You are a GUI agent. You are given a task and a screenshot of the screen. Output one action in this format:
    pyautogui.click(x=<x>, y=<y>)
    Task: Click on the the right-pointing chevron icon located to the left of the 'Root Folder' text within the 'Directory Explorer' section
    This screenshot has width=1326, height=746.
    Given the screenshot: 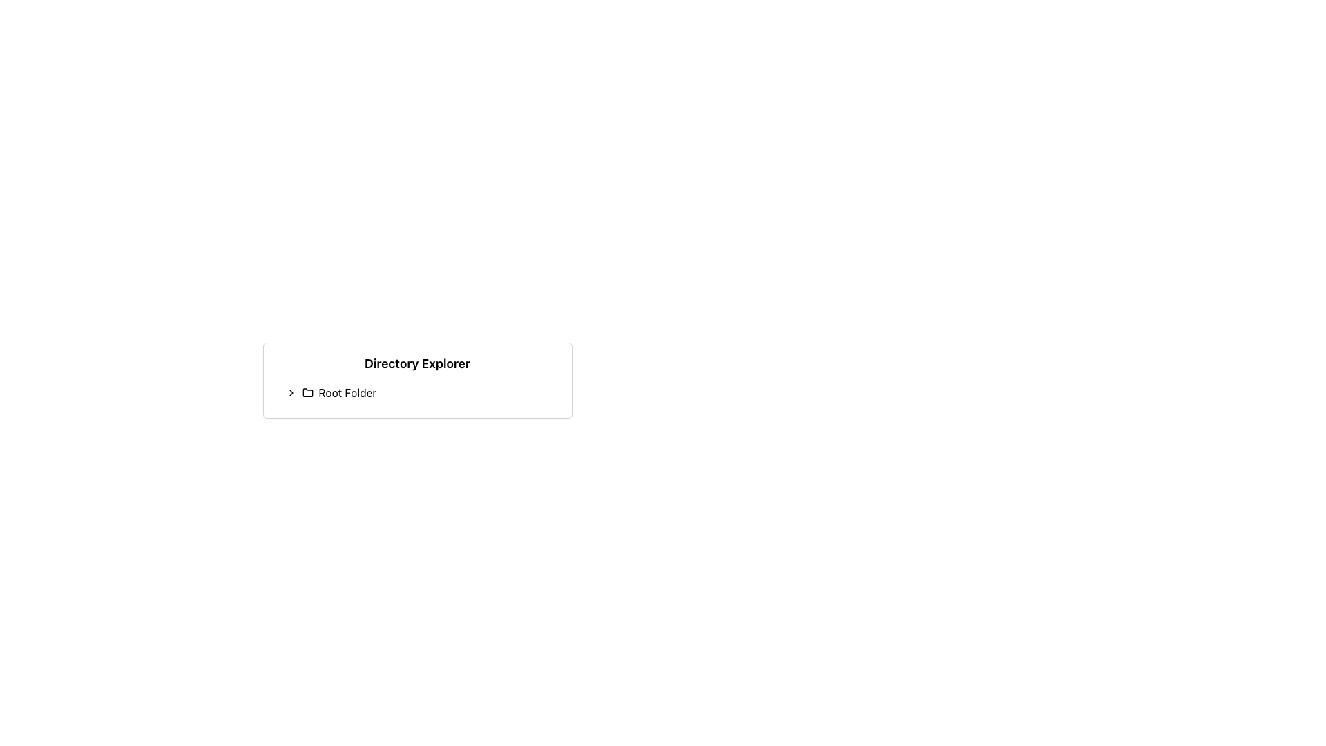 What is the action you would take?
    pyautogui.click(x=290, y=393)
    